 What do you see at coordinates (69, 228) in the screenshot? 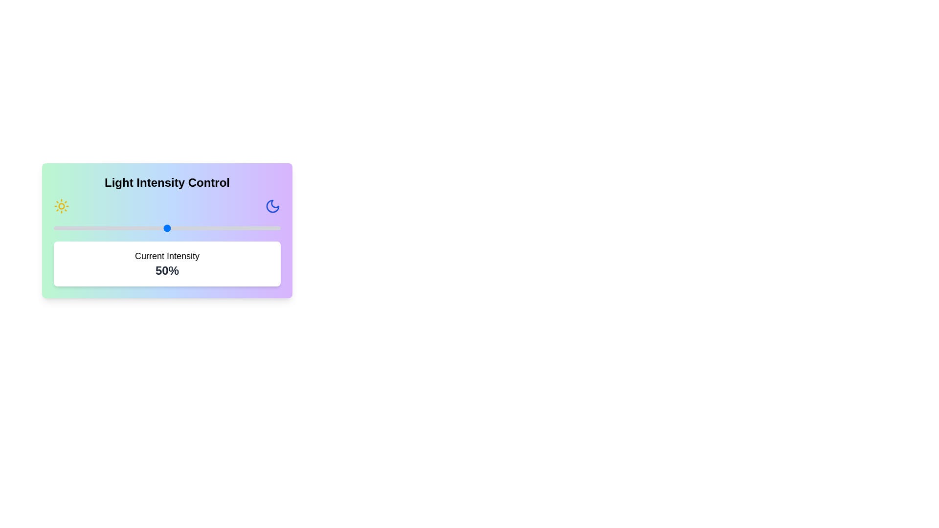
I see `the light intensity` at bounding box center [69, 228].